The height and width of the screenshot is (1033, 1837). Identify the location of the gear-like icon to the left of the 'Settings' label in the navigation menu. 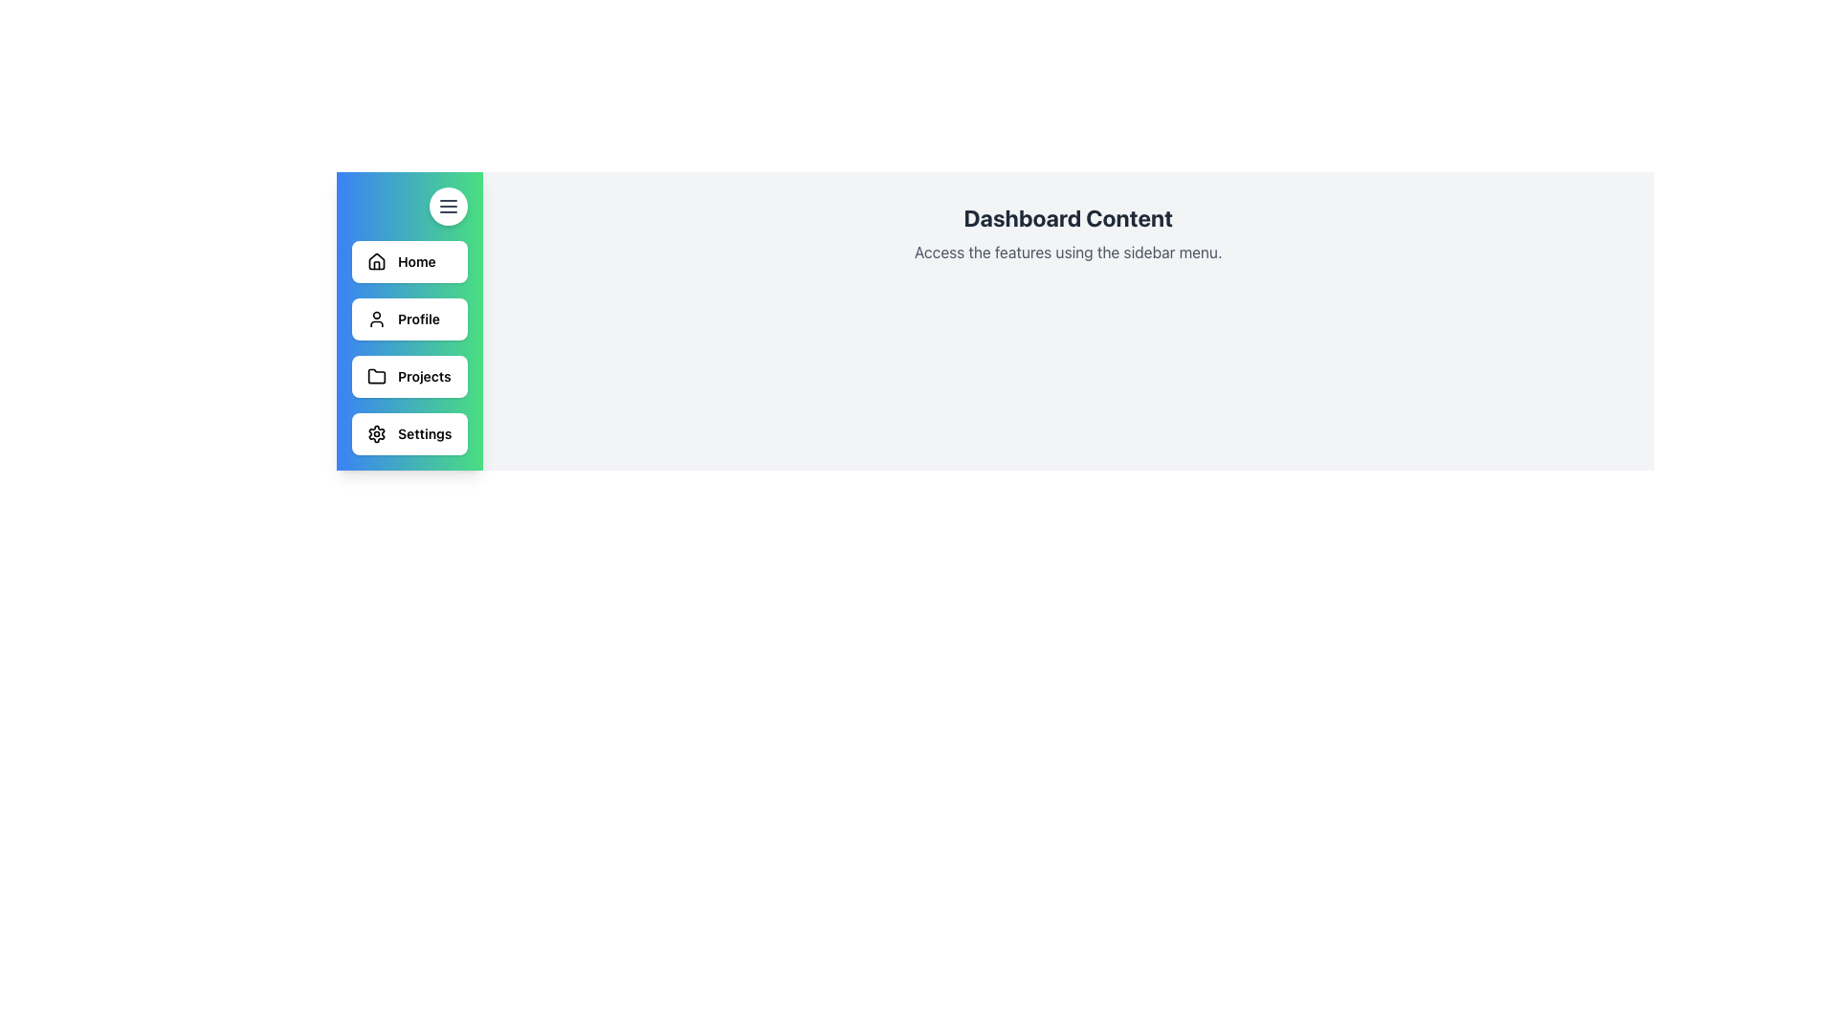
(376, 434).